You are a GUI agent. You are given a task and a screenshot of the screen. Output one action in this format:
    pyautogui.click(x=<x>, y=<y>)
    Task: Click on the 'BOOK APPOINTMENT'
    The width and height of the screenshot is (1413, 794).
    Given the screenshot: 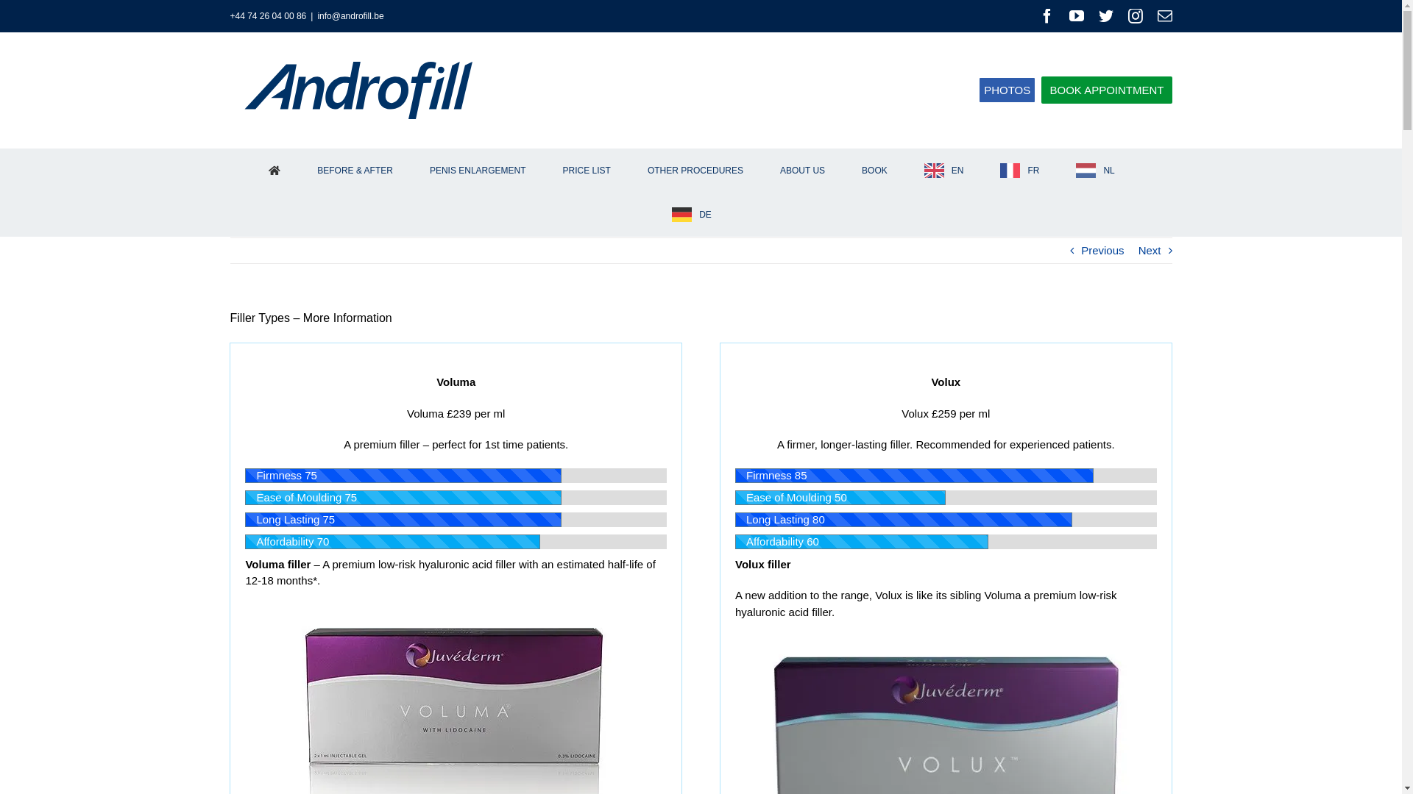 What is the action you would take?
    pyautogui.click(x=1041, y=90)
    